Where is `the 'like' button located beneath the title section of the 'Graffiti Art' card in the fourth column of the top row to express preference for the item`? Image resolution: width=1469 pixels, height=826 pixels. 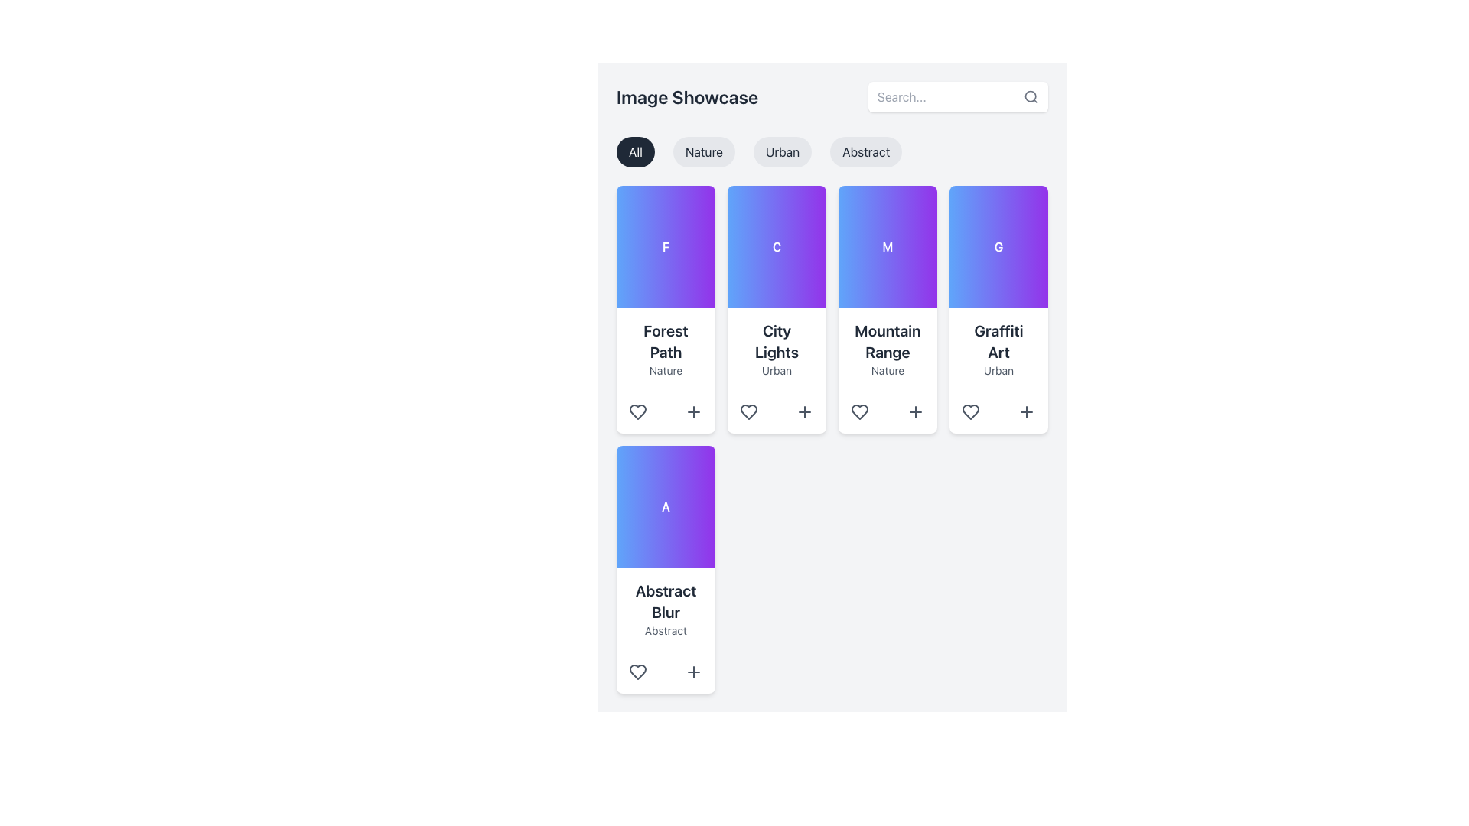 the 'like' button located beneath the title section of the 'Graffiti Art' card in the fourth column of the top row to express preference for the item is located at coordinates (969, 411).